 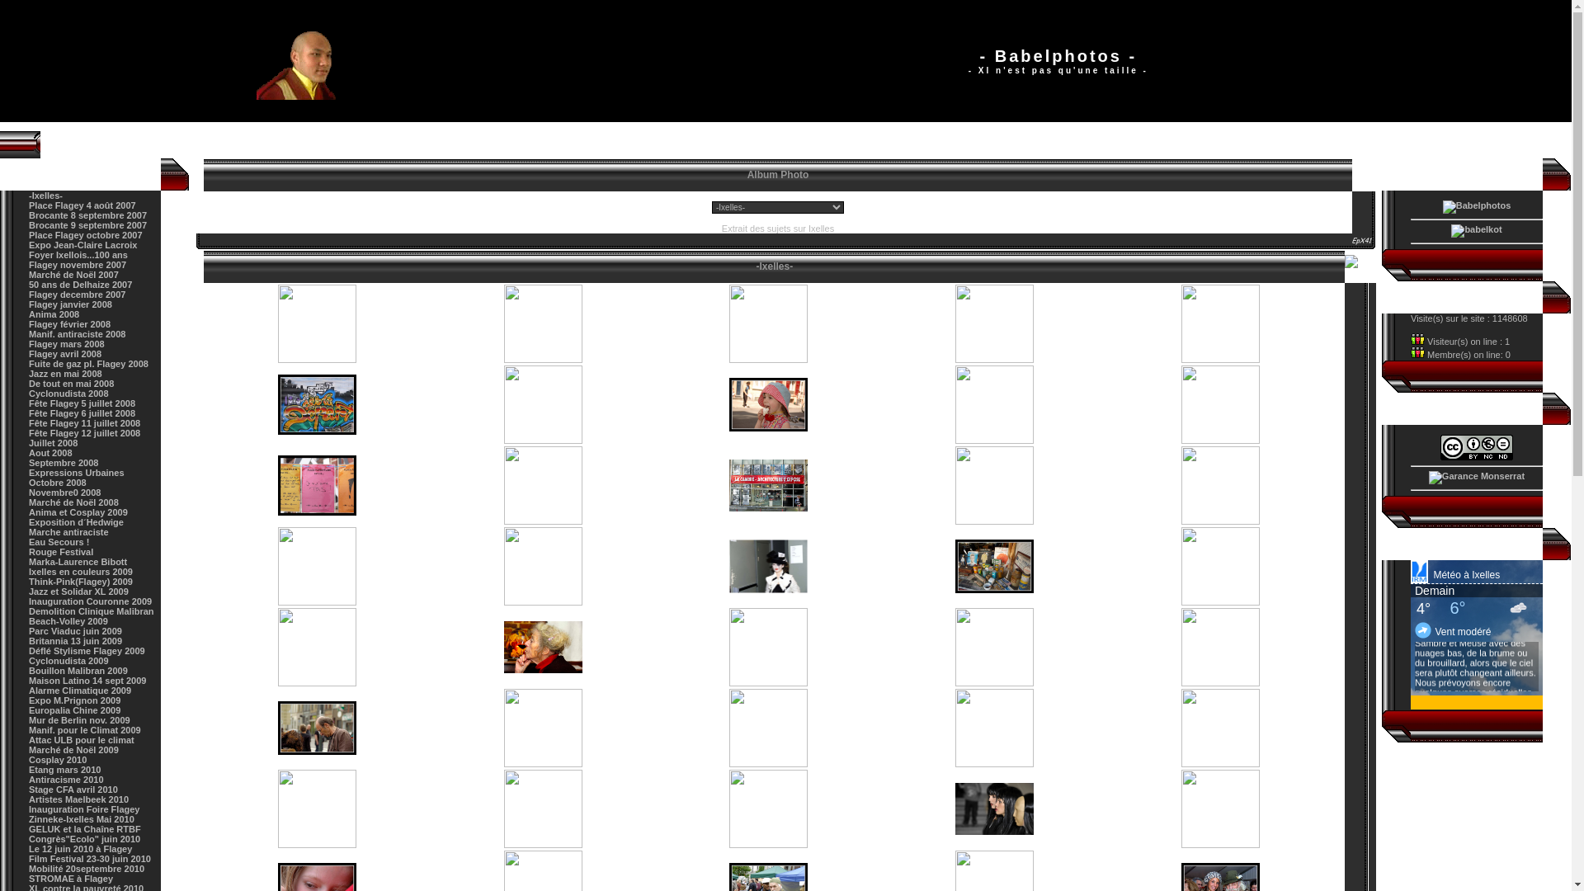 What do you see at coordinates (77, 561) in the screenshot?
I see `'Marka-Laurence Bibott'` at bounding box center [77, 561].